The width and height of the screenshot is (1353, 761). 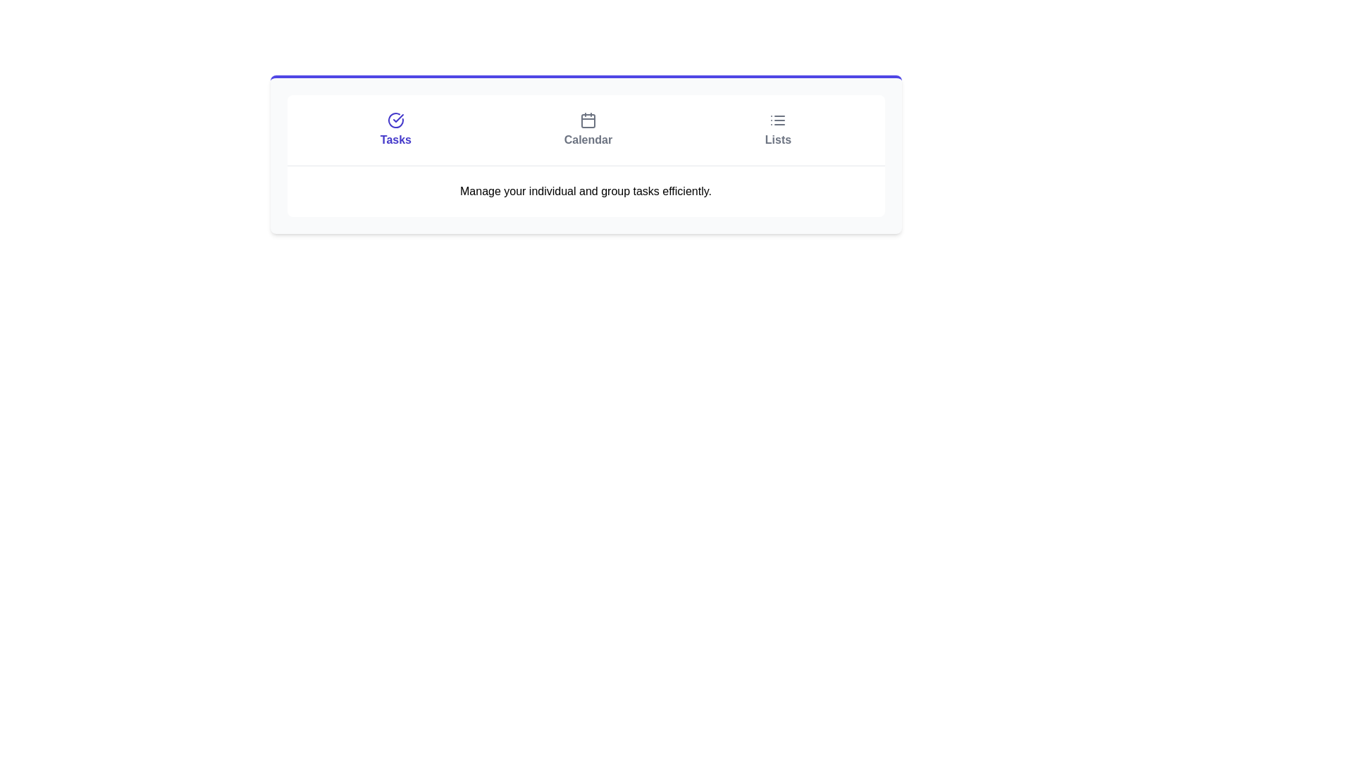 I want to click on the 'Calendar' text label, which is in bold font and located beneath the calendar icon in the navigation section, centered between 'Tasks' and 'Lists', so click(x=588, y=140).